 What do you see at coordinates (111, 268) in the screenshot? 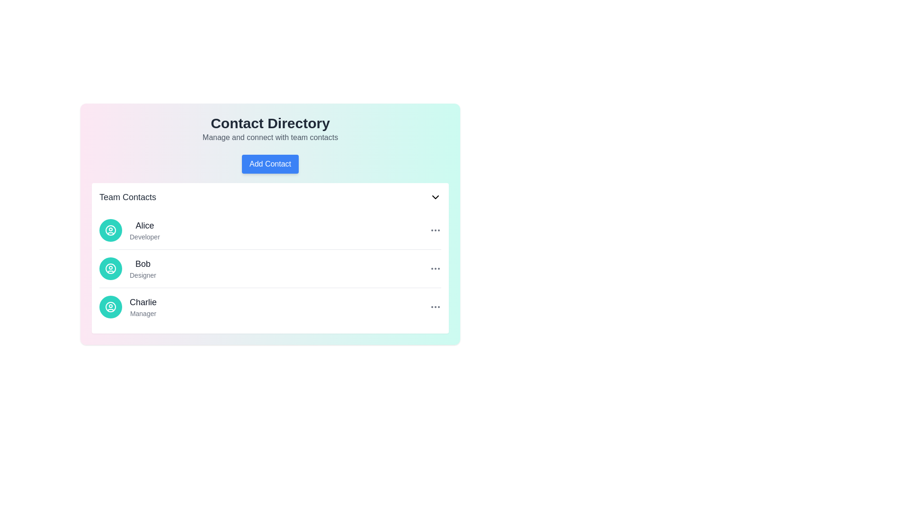
I see `the outermost circular UI component of user 'Bob's profile icon in the contact list` at bounding box center [111, 268].